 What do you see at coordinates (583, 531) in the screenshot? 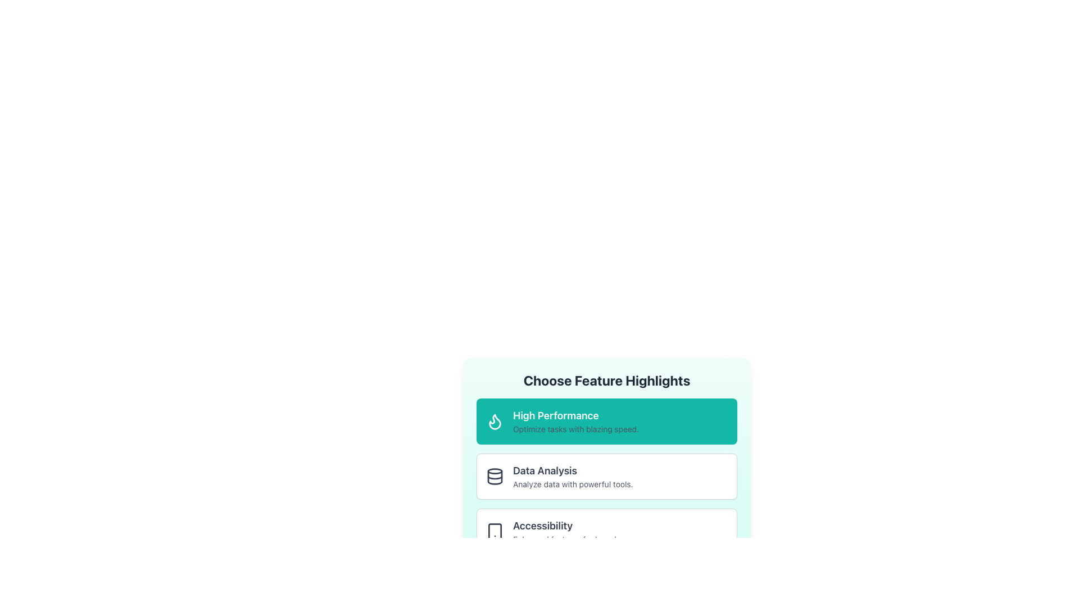
I see `the 'Accessibility' text element located in the third card of the 'Choose Feature Highlights' section, which features bold title text and a description below it` at bounding box center [583, 531].